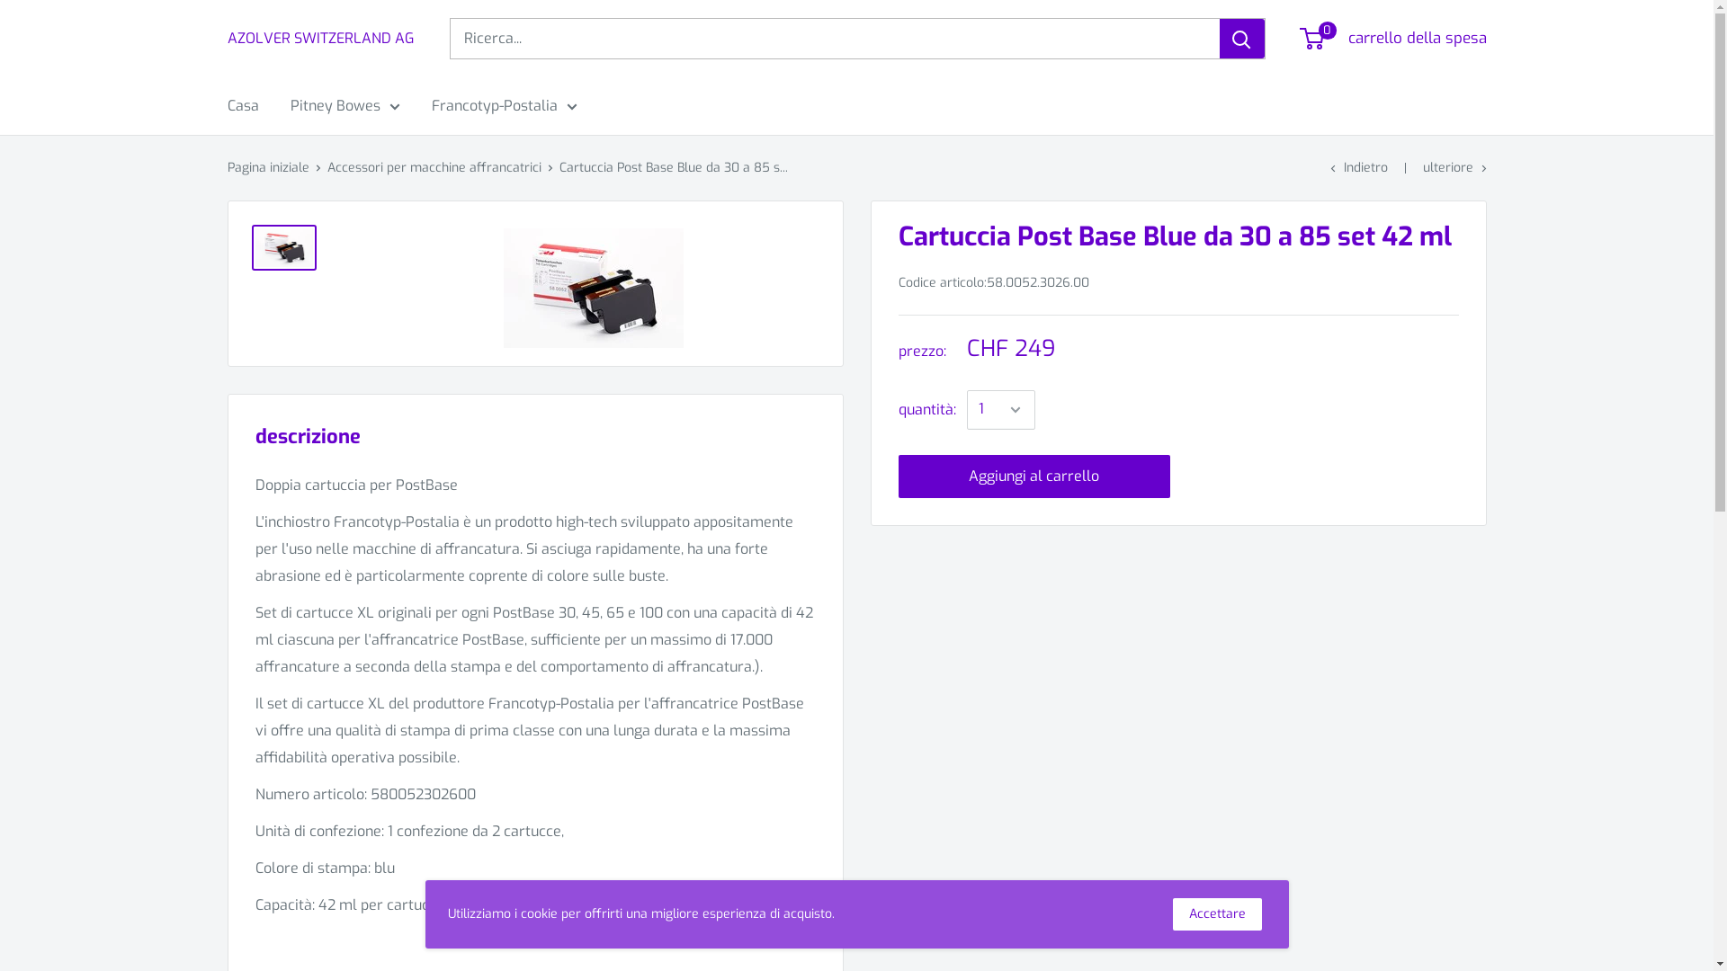 The width and height of the screenshot is (1727, 971). I want to click on 'Accettare', so click(1217, 914).